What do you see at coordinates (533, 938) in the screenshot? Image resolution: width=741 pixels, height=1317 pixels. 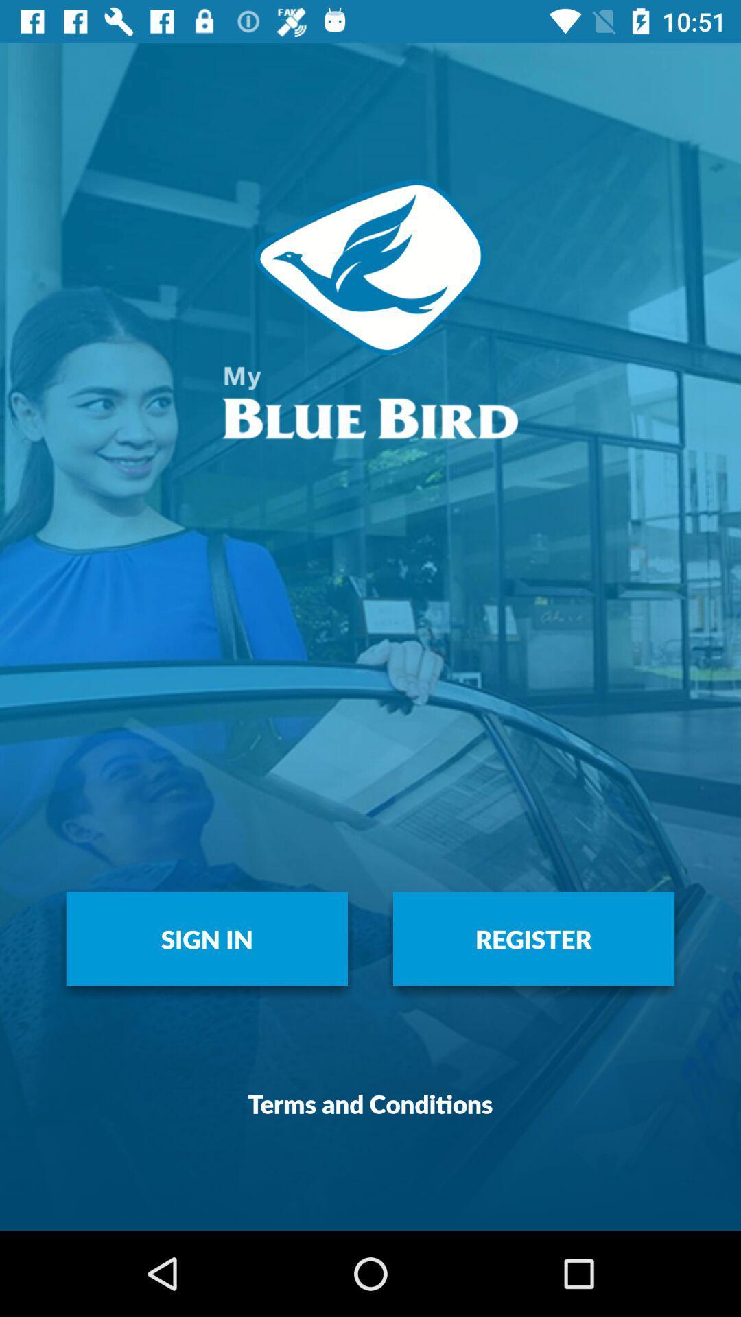 I see `the register` at bounding box center [533, 938].